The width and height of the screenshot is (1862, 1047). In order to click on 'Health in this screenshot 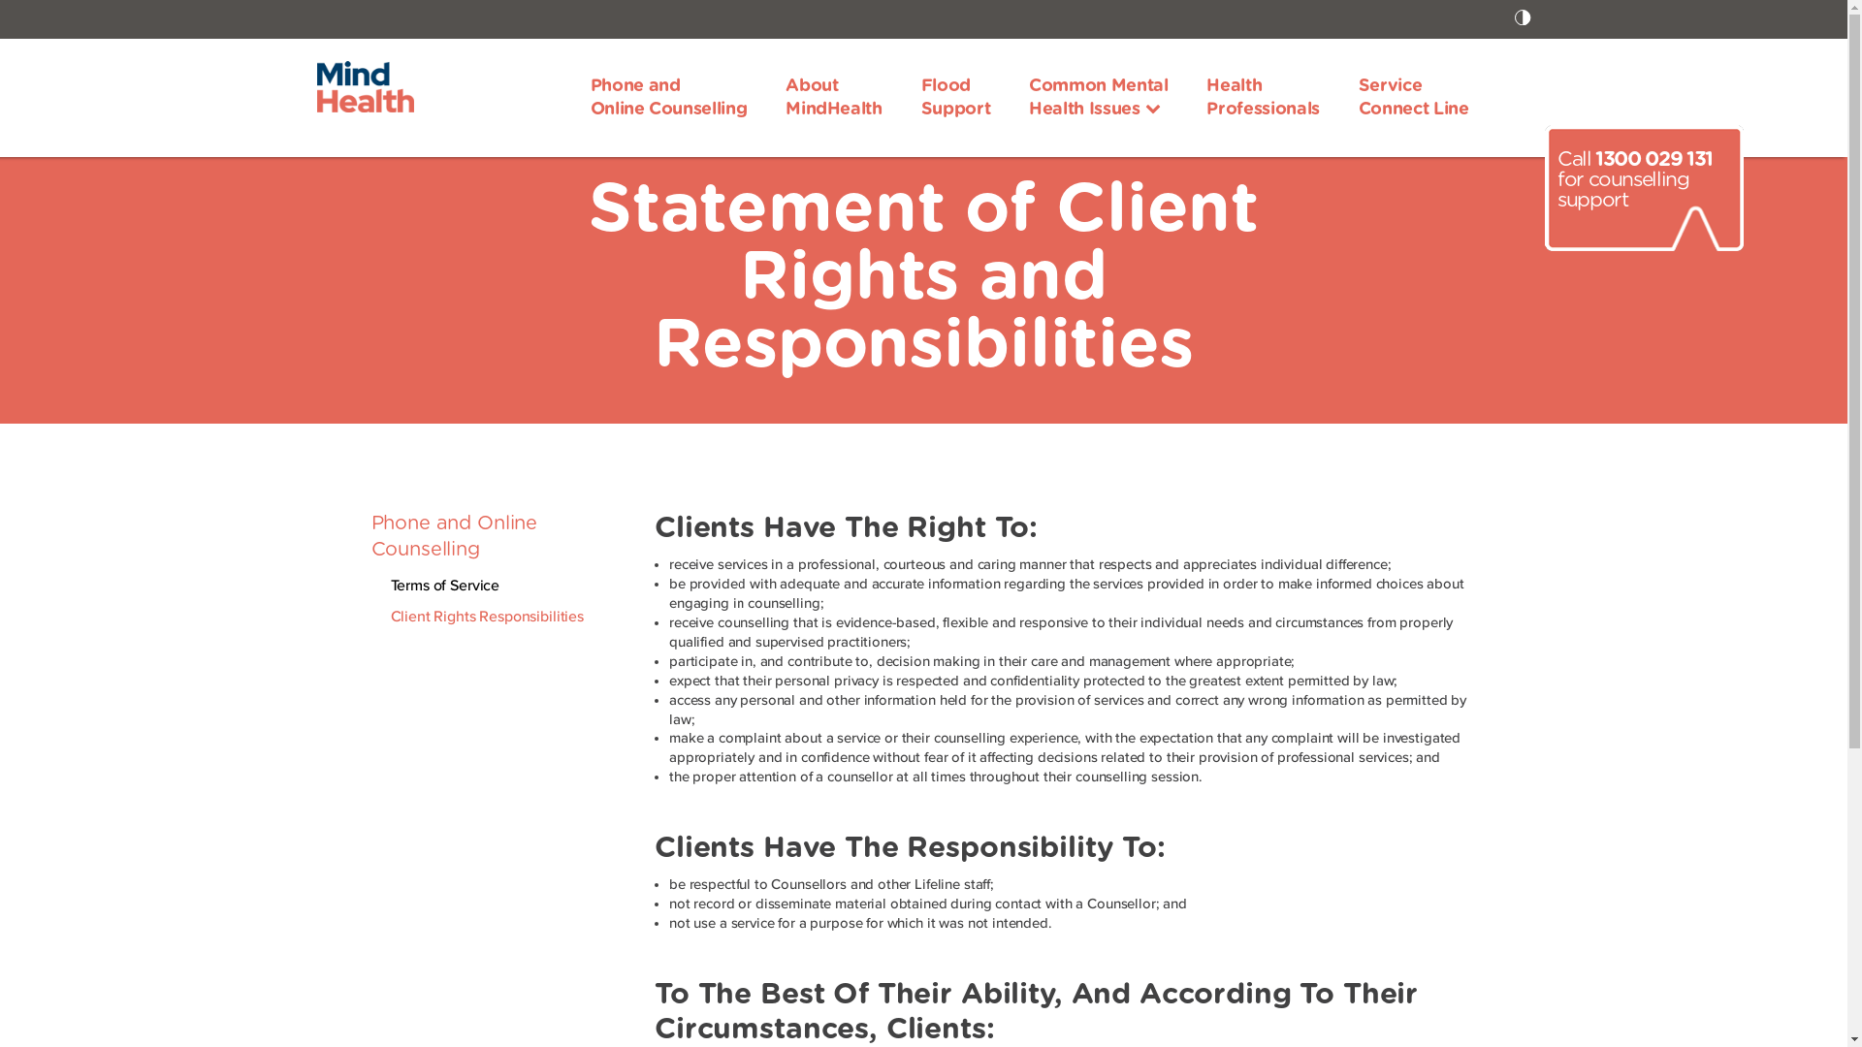, I will do `click(1262, 98)`.